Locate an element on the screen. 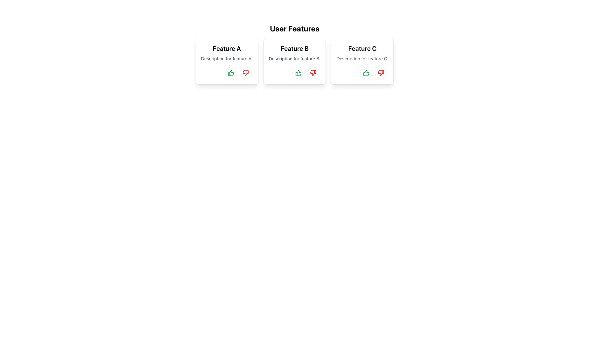 This screenshot has height=343, width=611. the text label that serves as the title for the 'Feature A' feature card, located at the top portion of the leftmost card in a horizontally arranged group of three cards is located at coordinates (227, 48).